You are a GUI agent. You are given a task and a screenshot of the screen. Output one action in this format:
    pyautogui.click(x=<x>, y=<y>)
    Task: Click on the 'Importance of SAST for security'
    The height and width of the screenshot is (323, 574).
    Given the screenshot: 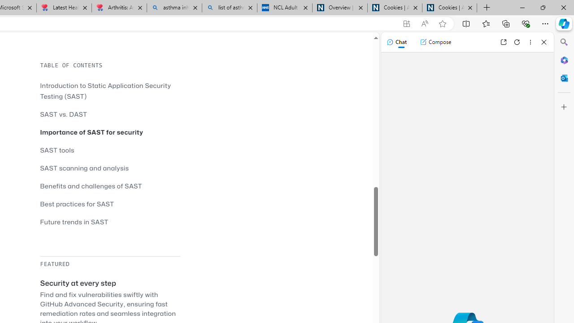 What is the action you would take?
    pyautogui.click(x=91, y=132)
    